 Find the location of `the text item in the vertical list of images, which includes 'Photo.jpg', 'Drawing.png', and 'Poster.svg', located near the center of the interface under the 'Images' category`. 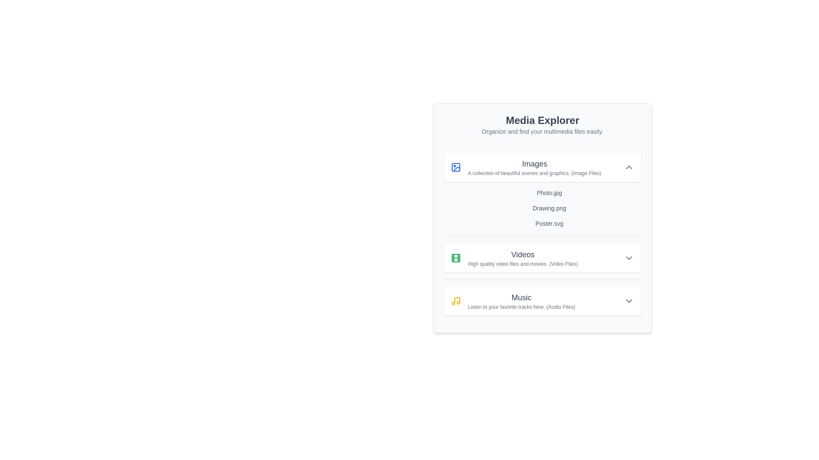

the text item in the vertical list of images, which includes 'Photo.jpg', 'Drawing.png', and 'Poster.svg', located near the center of the interface under the 'Images' category is located at coordinates (549, 208).